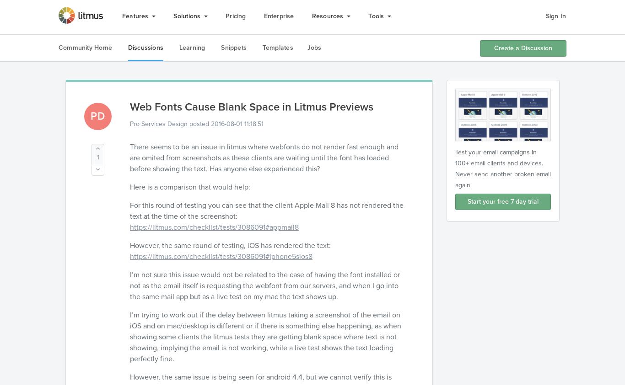 The width and height of the screenshot is (625, 385). Describe the element at coordinates (189, 187) in the screenshot. I see `'Here is a comparison that would help:'` at that location.